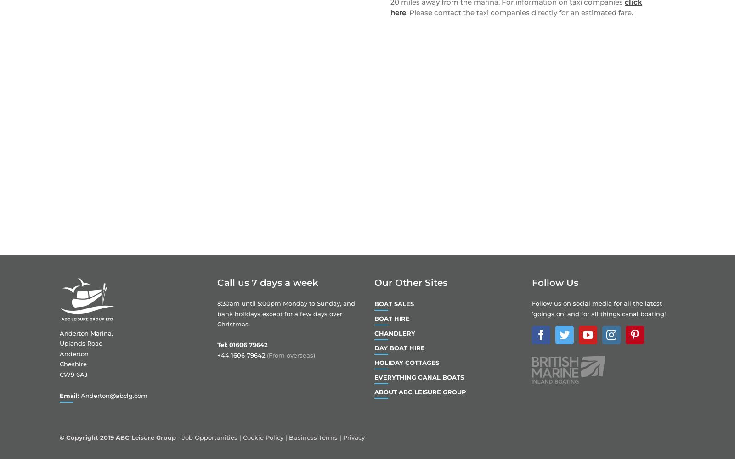 This screenshot has height=459, width=735. Describe the element at coordinates (73, 353) in the screenshot. I see `'Anderton'` at that location.